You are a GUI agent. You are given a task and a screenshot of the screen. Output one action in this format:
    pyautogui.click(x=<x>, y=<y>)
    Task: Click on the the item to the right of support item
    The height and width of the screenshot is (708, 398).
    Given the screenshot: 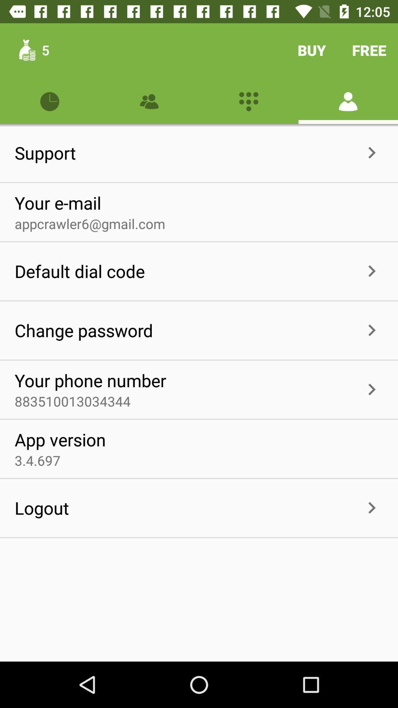 What is the action you would take?
    pyautogui.click(x=217, y=152)
    